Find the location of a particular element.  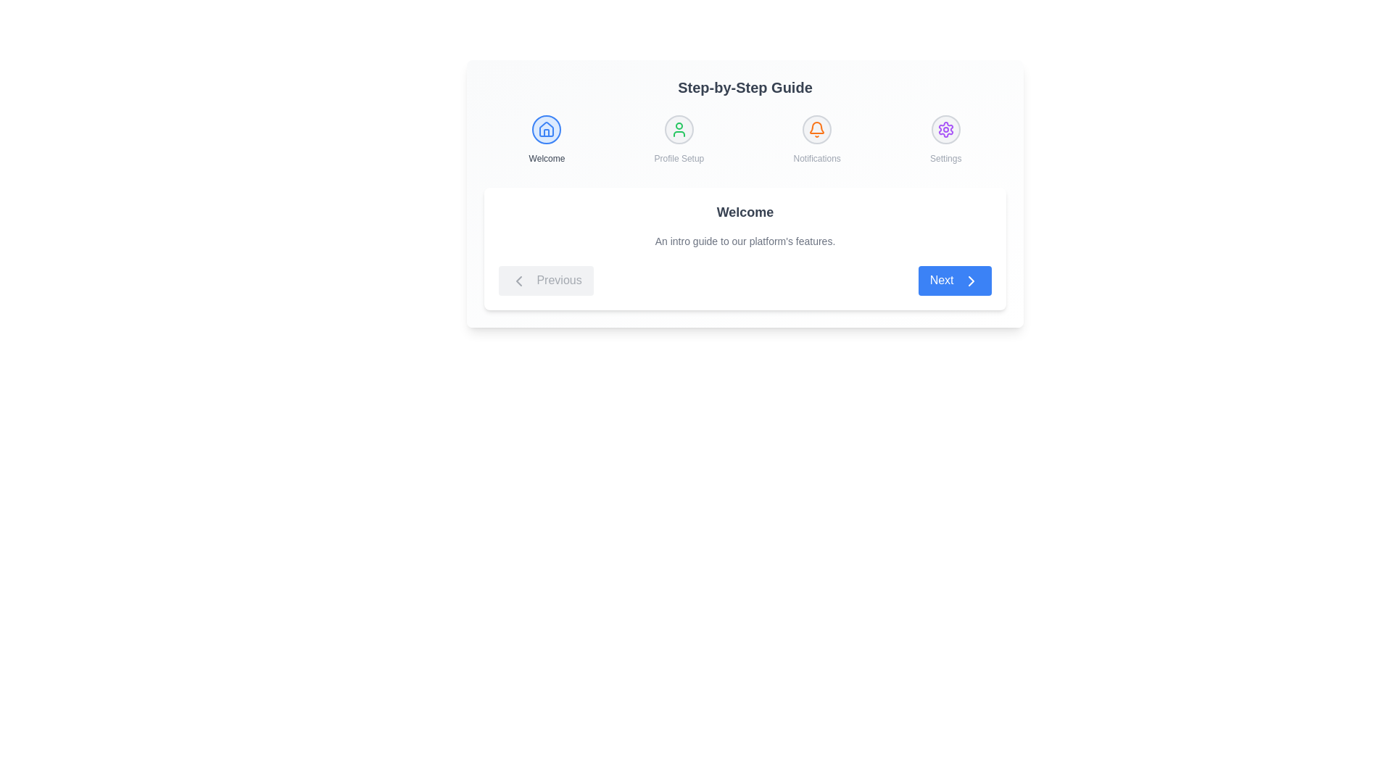

the 'Profile Setup' button located in the 'Step-by-Step Guide' interface, which is the second button from the left is located at coordinates (678, 128).